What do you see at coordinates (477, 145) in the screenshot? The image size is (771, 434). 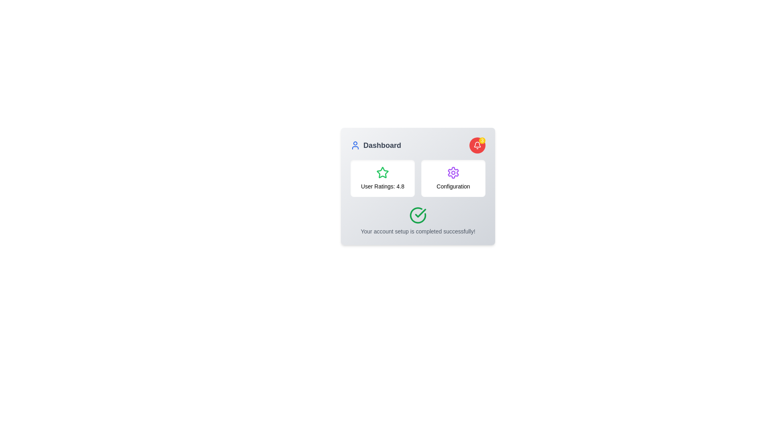 I see `the Notification Indicator at the top-right corner of the header` at bounding box center [477, 145].